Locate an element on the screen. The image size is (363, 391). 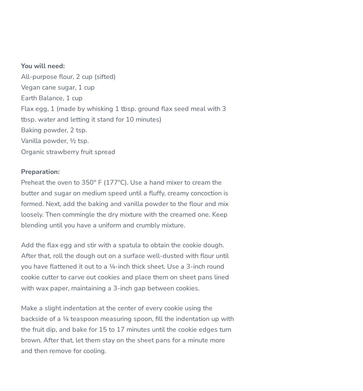
'Baking powder, 2 tsp.' is located at coordinates (54, 129).